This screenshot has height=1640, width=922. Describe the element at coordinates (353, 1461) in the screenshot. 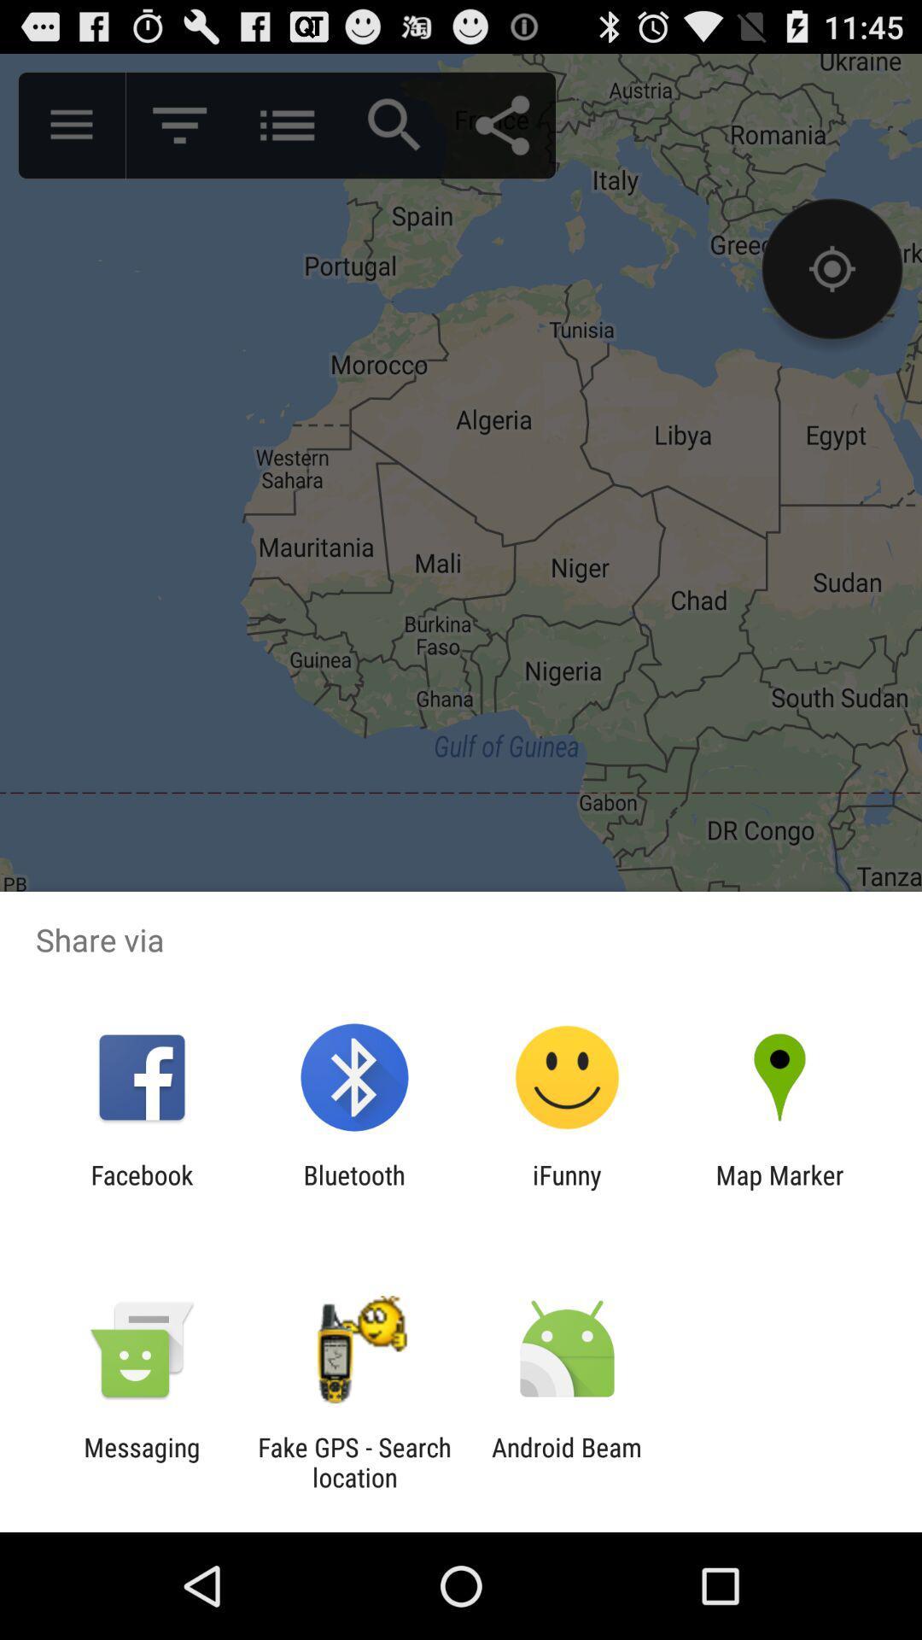

I see `the app next to messaging` at that location.